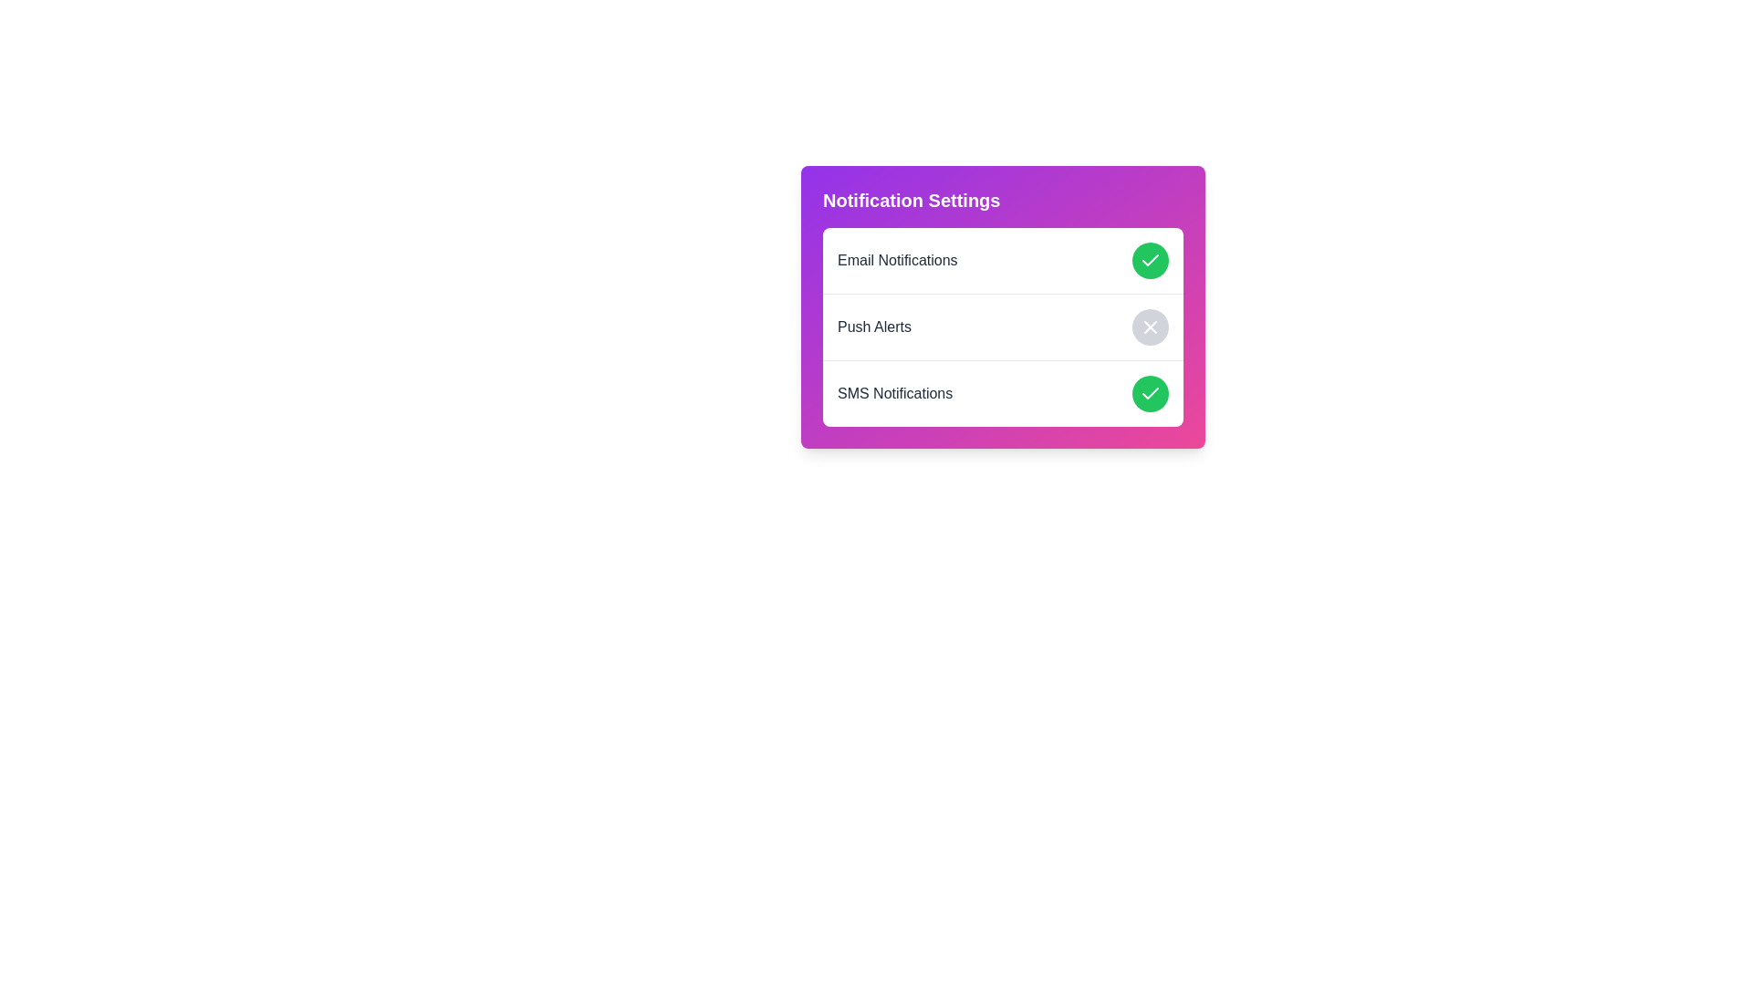 The width and height of the screenshot is (1752, 985). Describe the element at coordinates (1150, 326) in the screenshot. I see `the small circular button with a white 'X' symbol on a light gray background, located to the right of 'Push Alerts' in the notification settings panel` at that location.